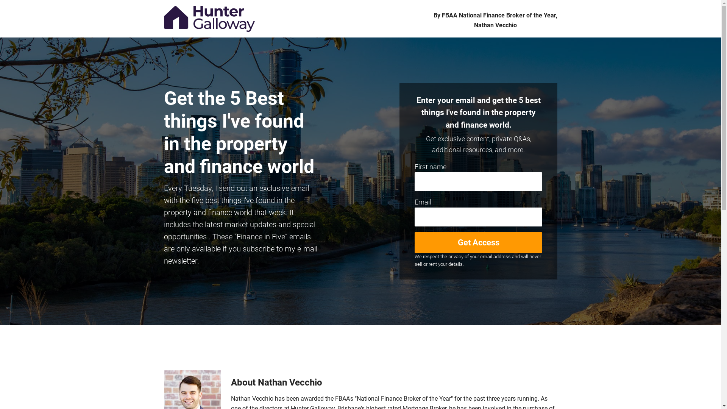 The height and width of the screenshot is (409, 727). What do you see at coordinates (478, 242) in the screenshot?
I see `'Get Access'` at bounding box center [478, 242].